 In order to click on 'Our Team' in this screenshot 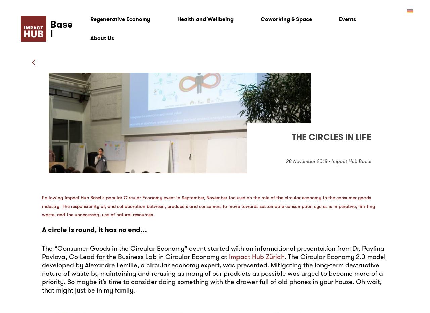, I will do `click(101, 56)`.